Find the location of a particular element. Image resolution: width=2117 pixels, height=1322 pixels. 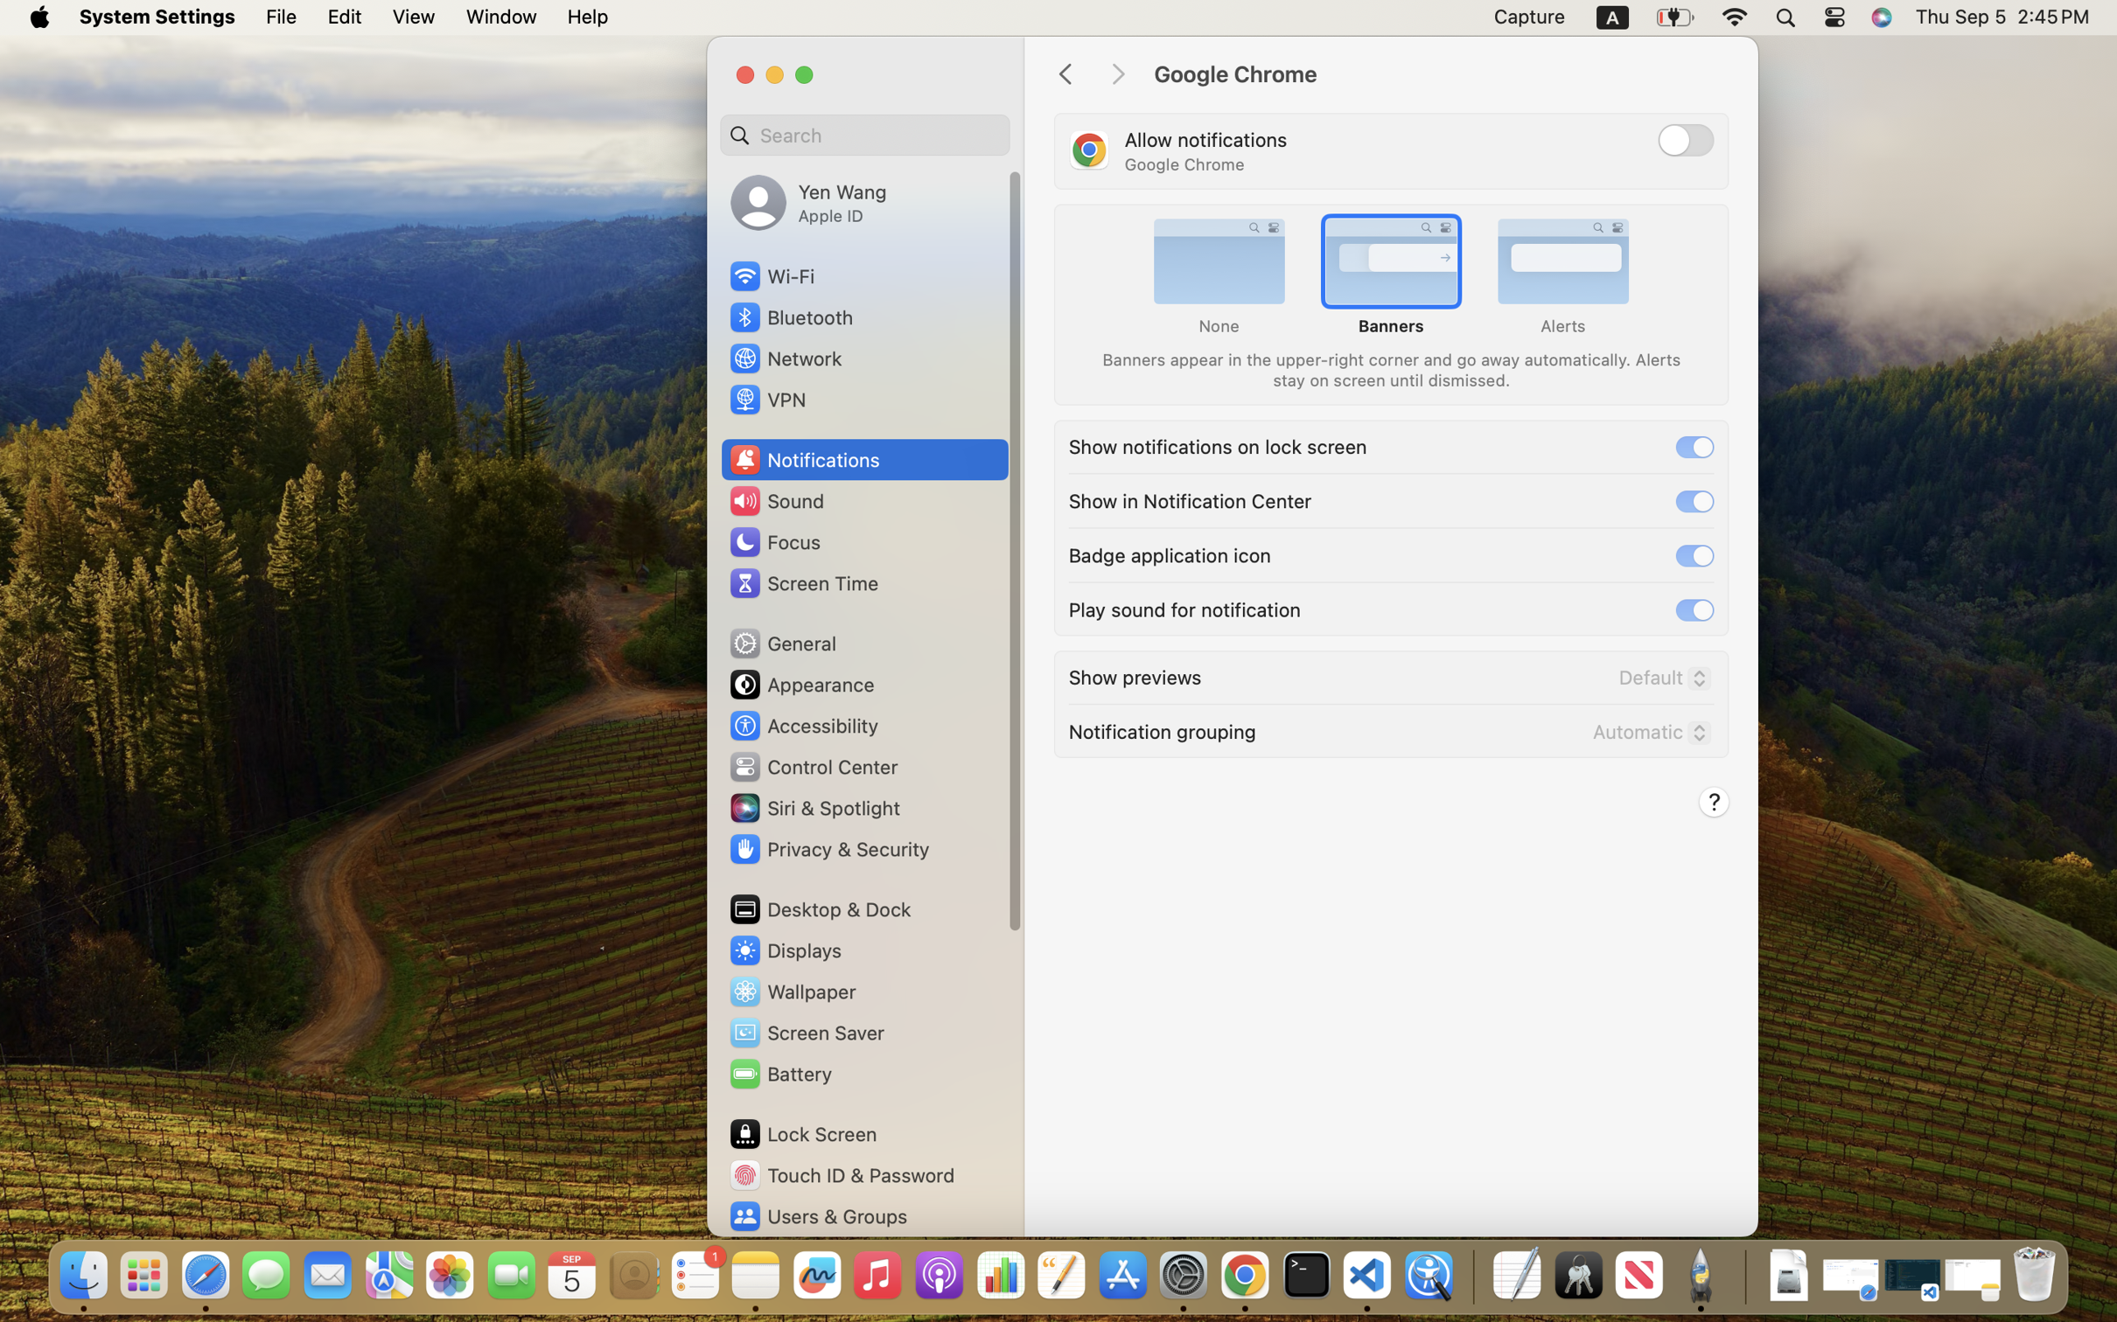

'Users & Groups' is located at coordinates (817, 1216).